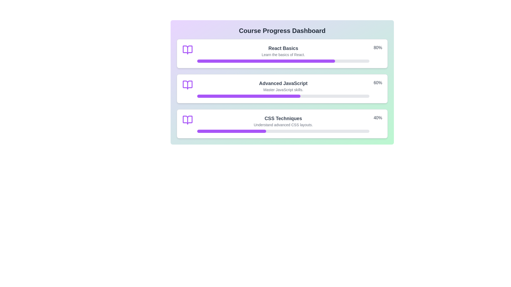  Describe the element at coordinates (188, 85) in the screenshot. I see `the left-hand side curve of the book icon in the 'Advanced JavaScript' card on the Course Progress Dashboard` at that location.